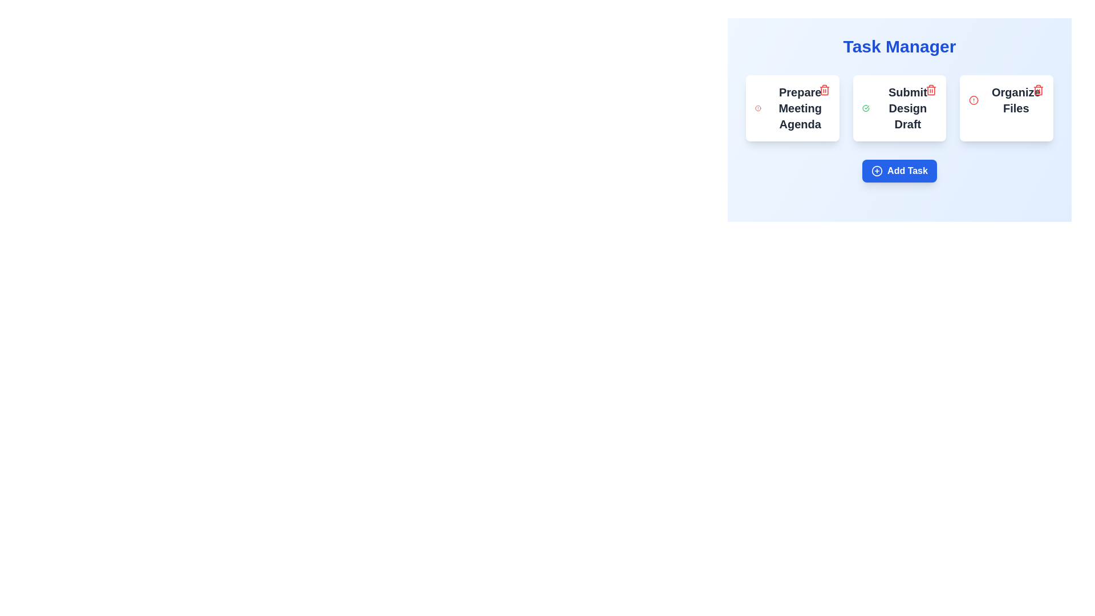  What do you see at coordinates (877, 171) in the screenshot?
I see `the circular icon with a plus symbol, located adjacent to the text 'Add Task', to trigger a visual response` at bounding box center [877, 171].